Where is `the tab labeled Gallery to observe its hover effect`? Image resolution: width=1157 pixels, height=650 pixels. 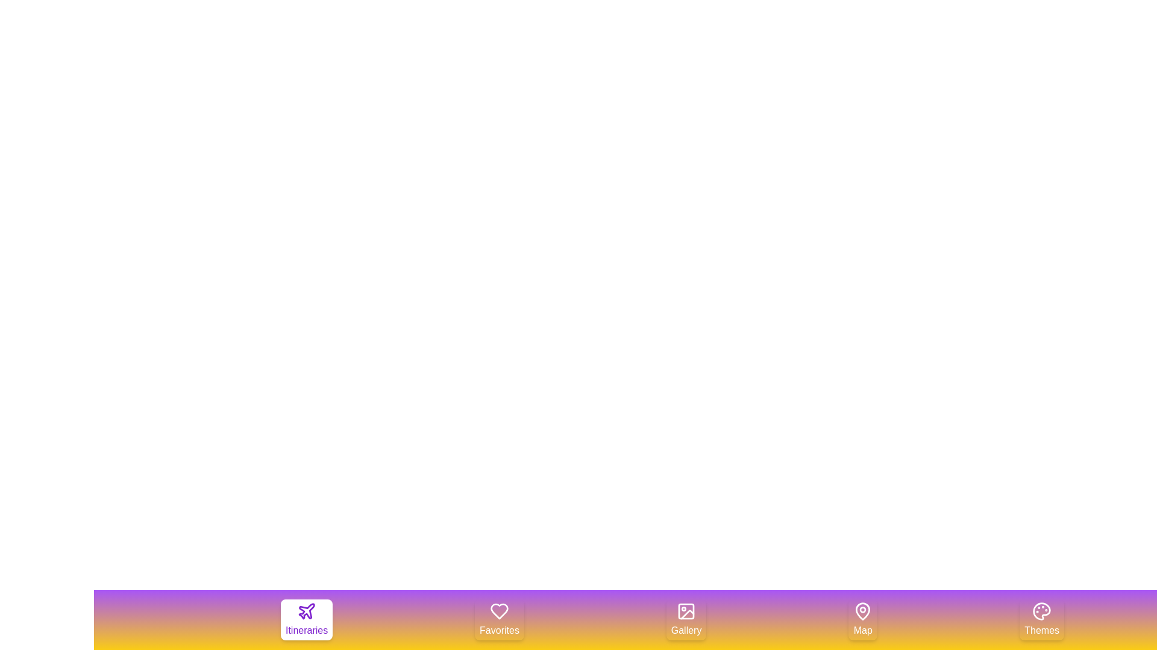 the tab labeled Gallery to observe its hover effect is located at coordinates (686, 619).